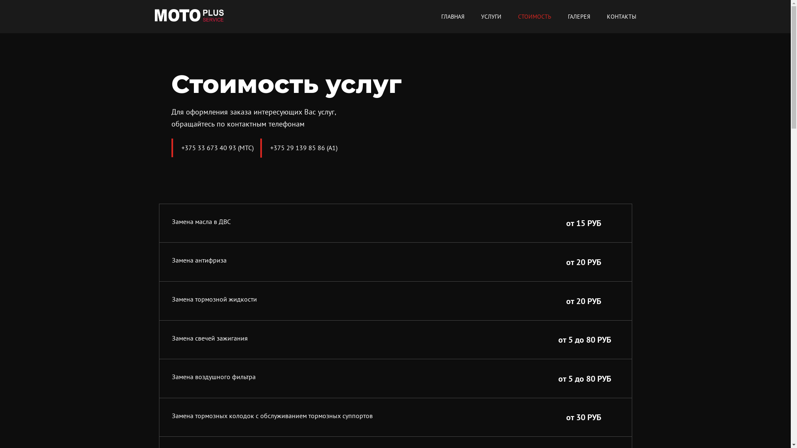 Image resolution: width=797 pixels, height=448 pixels. I want to click on '+375 29 139 85 86 (A1)', so click(303, 147).